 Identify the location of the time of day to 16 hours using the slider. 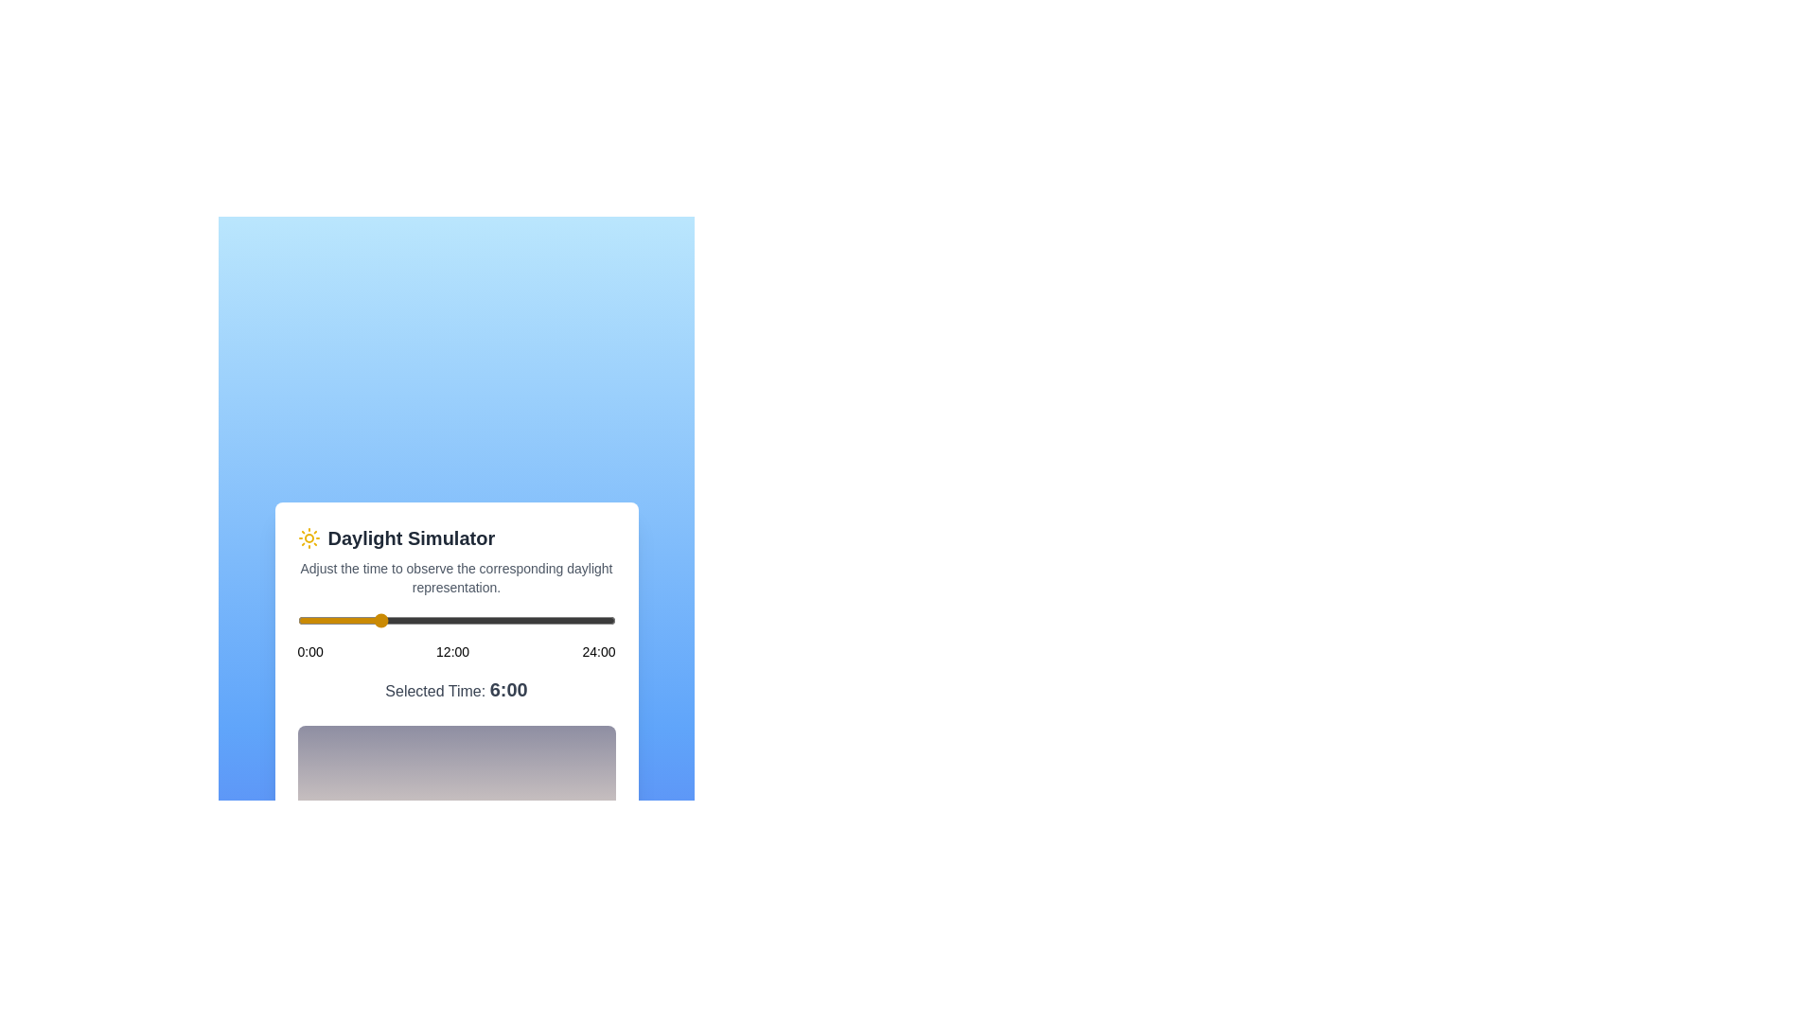
(509, 620).